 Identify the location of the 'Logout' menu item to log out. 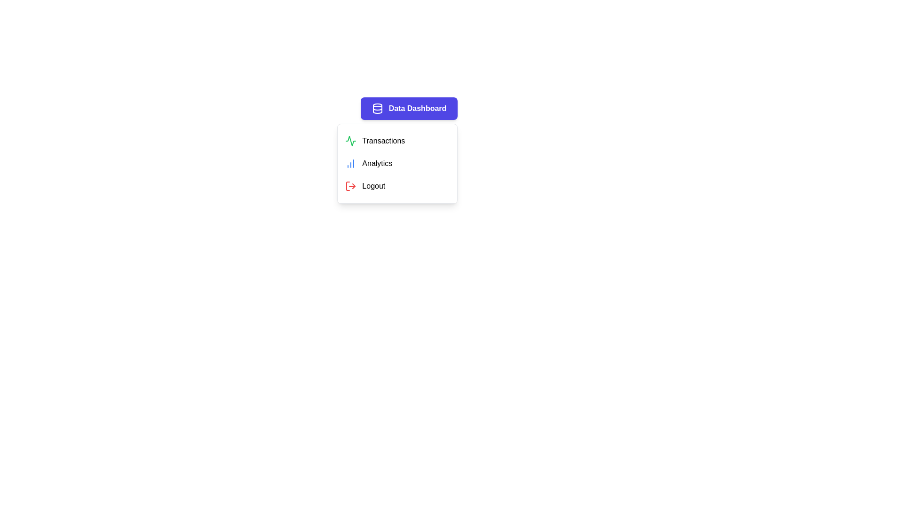
(397, 186).